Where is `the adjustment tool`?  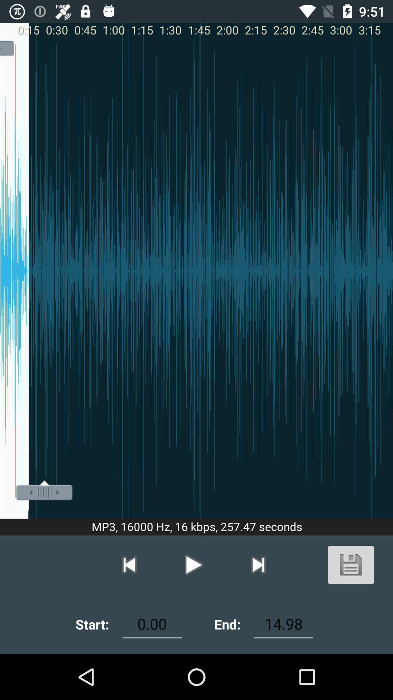 the adjustment tool is located at coordinates (44, 492).